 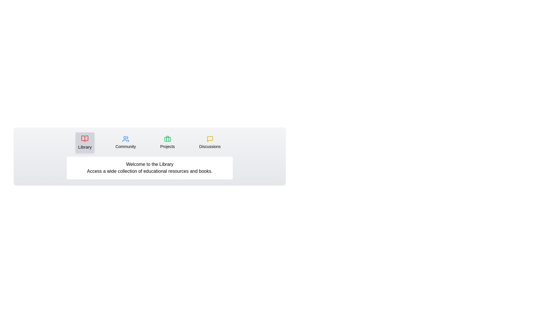 I want to click on the decorative icon for the 'Discussions' navigation button, which is the fourth item in the horizontal menu bar, so click(x=209, y=139).